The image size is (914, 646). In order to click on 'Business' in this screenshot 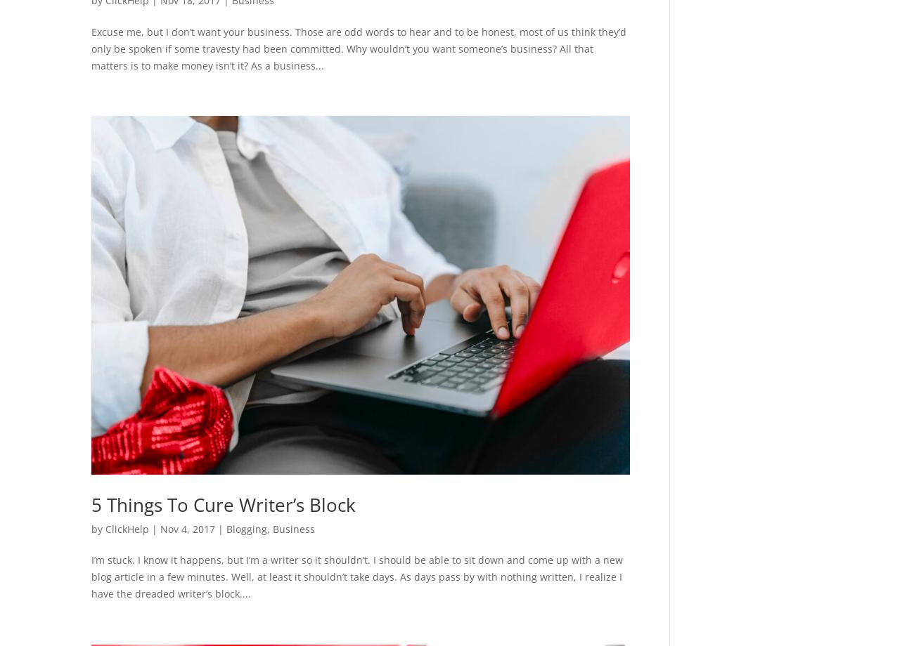, I will do `click(293, 528)`.